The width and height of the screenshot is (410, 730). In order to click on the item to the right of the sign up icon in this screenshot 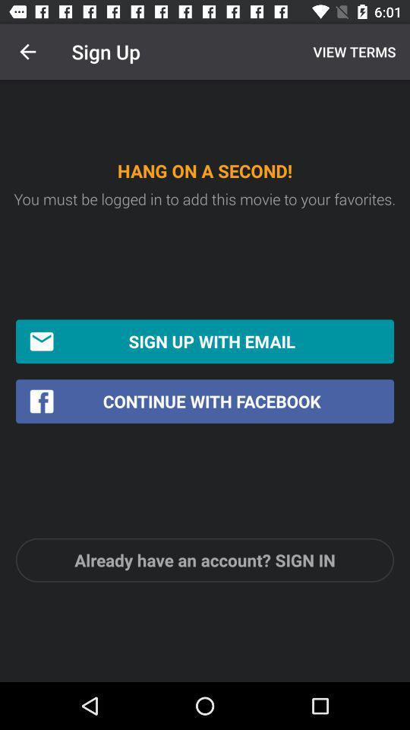, I will do `click(352, 52)`.